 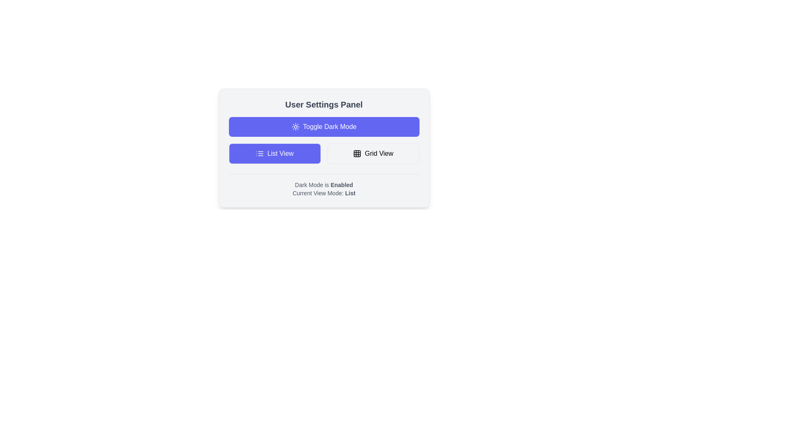 What do you see at coordinates (373, 154) in the screenshot?
I see `the button that switches the view mode` at bounding box center [373, 154].